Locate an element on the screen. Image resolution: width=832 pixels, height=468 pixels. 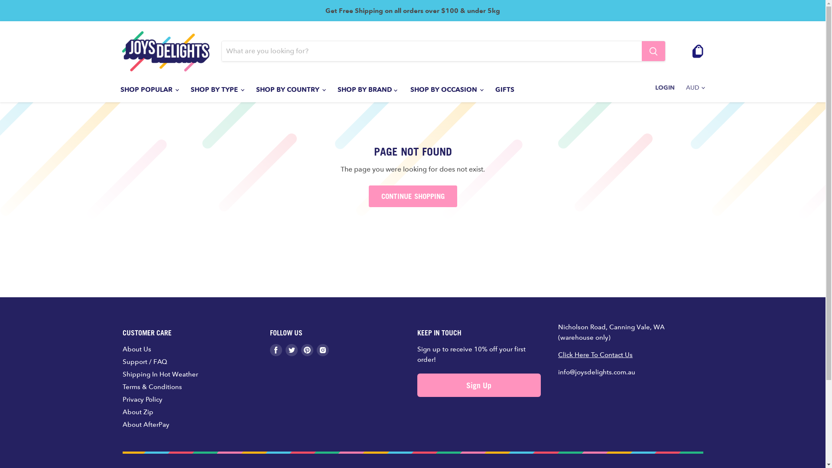
'Support / FAQ' is located at coordinates (144, 361).